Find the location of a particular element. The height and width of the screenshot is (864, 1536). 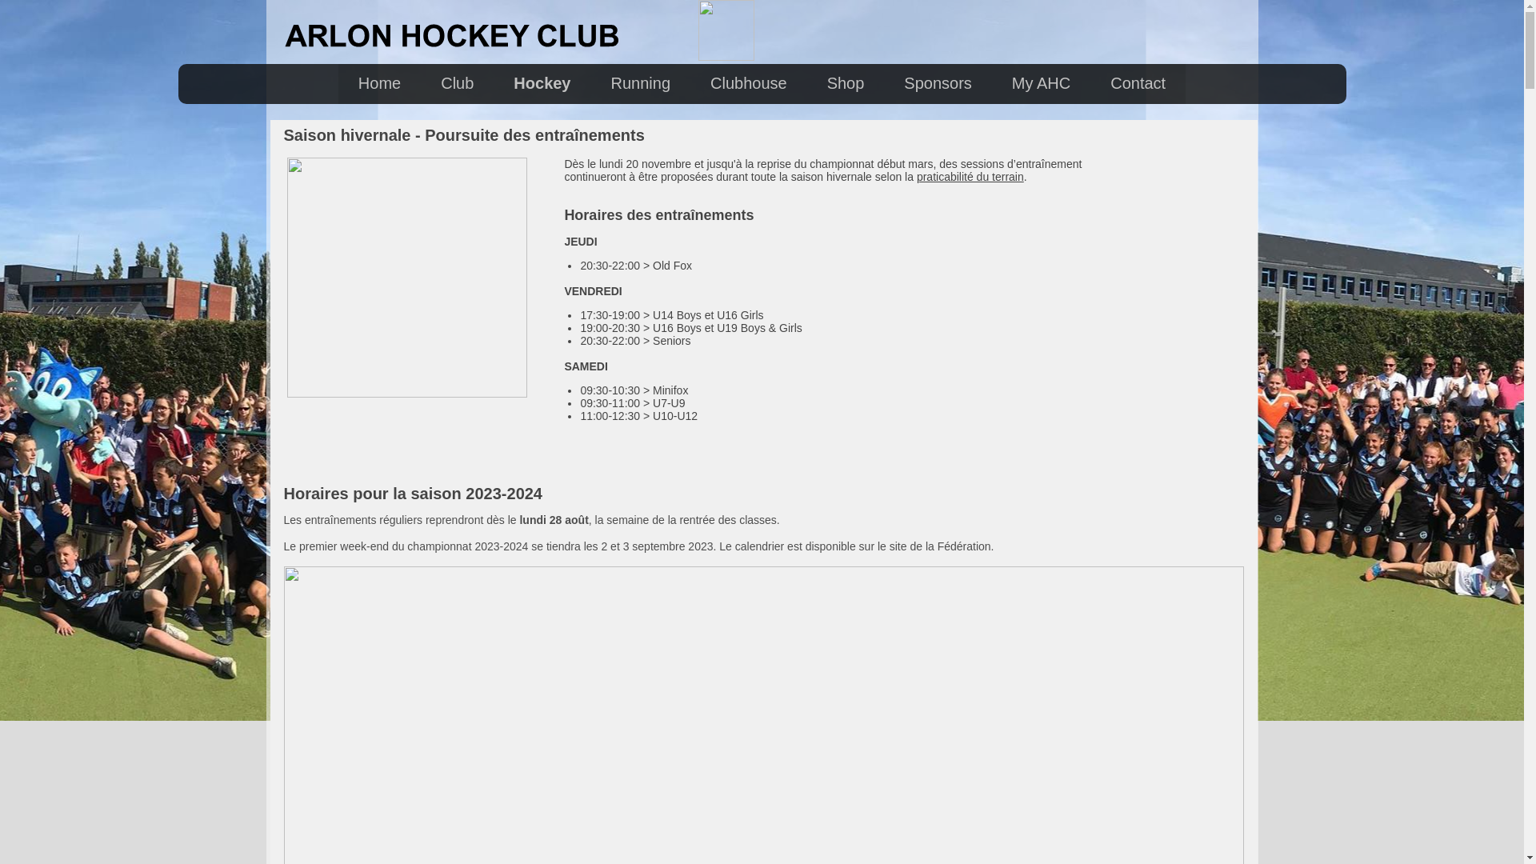

'Home' is located at coordinates (378, 83).